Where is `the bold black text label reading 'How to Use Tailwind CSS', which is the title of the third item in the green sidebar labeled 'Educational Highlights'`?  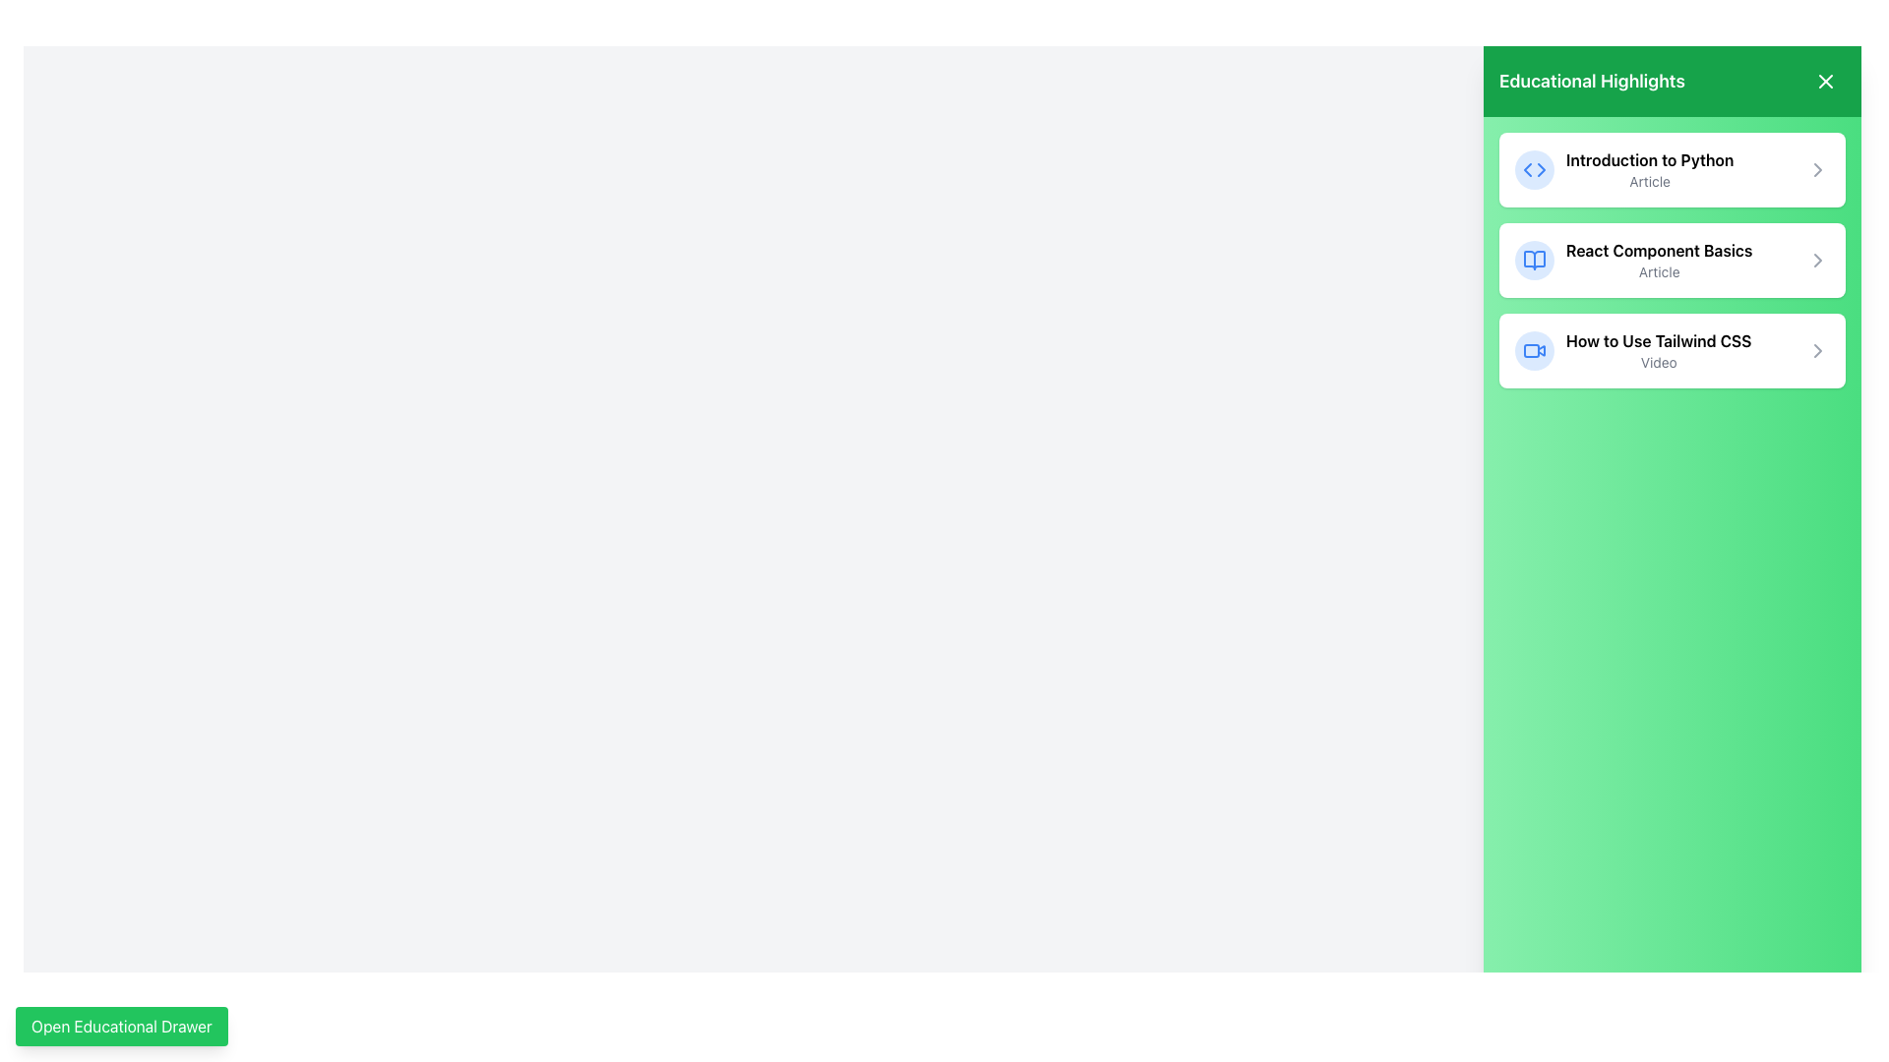 the bold black text label reading 'How to Use Tailwind CSS', which is the title of the third item in the green sidebar labeled 'Educational Highlights' is located at coordinates (1658, 340).